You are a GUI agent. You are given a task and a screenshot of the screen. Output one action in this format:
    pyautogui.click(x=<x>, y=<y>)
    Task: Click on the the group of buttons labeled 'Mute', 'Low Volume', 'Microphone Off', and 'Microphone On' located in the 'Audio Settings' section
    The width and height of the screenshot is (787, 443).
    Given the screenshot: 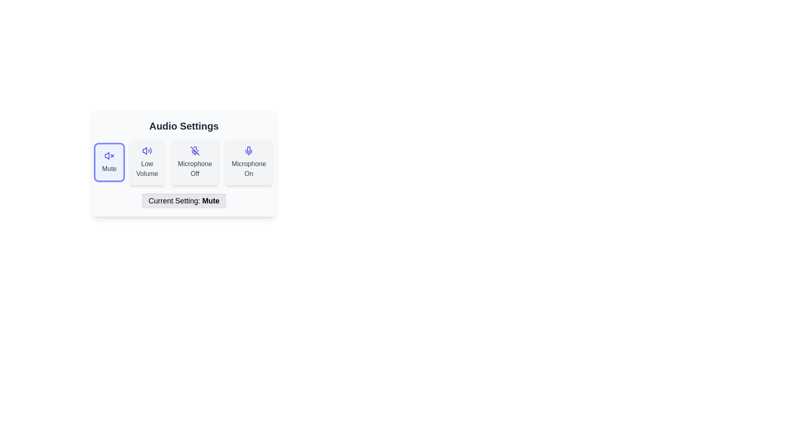 What is the action you would take?
    pyautogui.click(x=184, y=162)
    